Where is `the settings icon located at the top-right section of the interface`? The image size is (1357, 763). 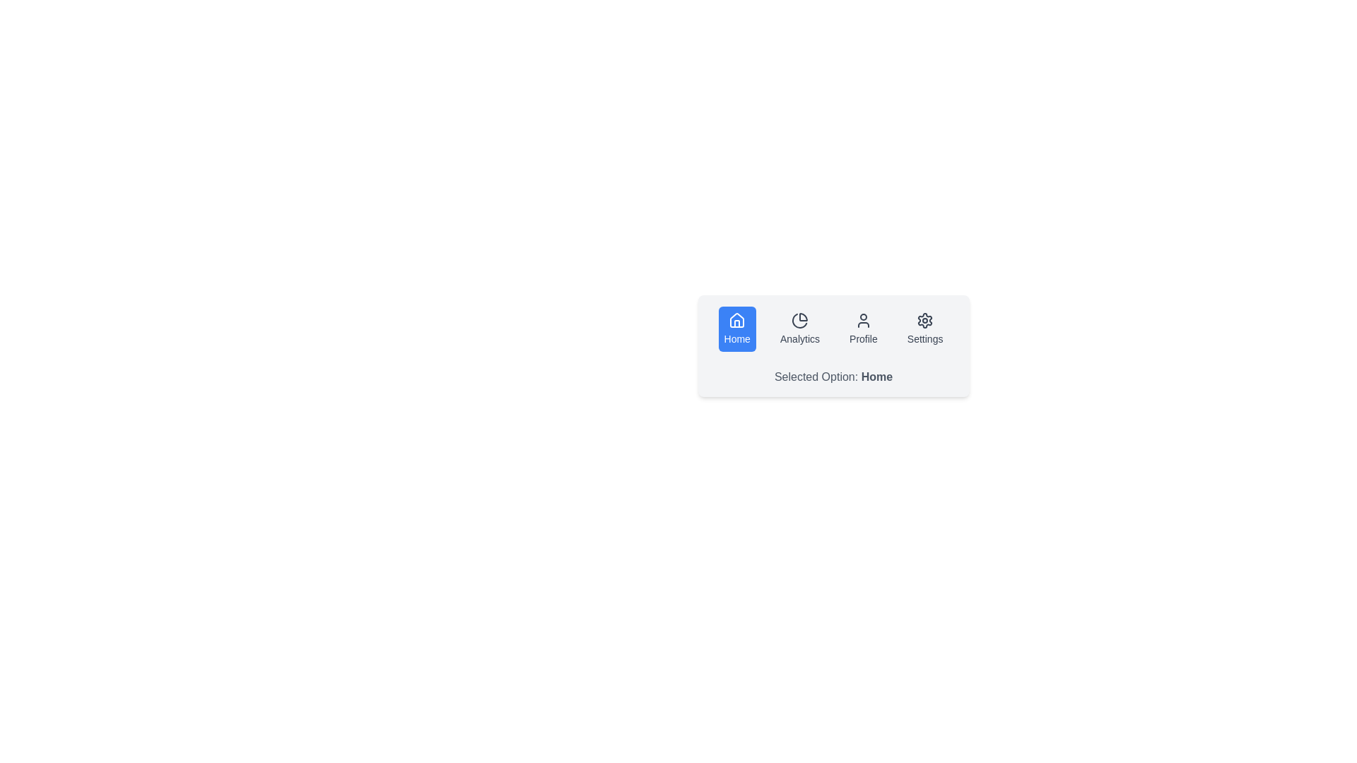
the settings icon located at the top-right section of the interface is located at coordinates (925, 321).